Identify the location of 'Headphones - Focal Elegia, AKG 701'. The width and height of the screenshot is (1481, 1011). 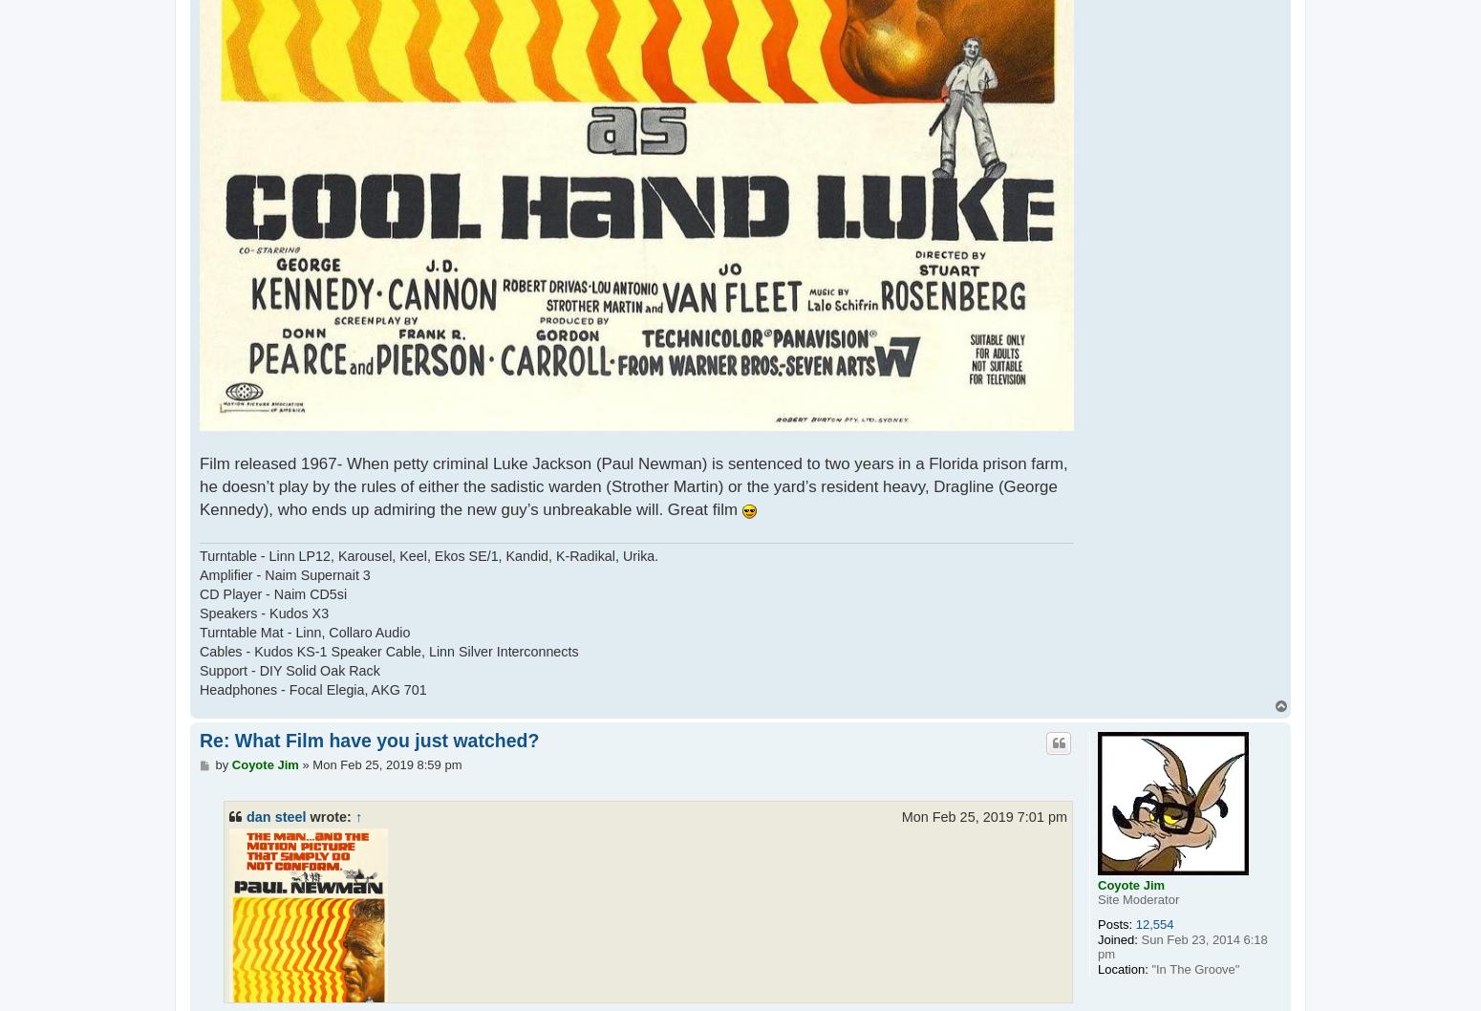
(311, 689).